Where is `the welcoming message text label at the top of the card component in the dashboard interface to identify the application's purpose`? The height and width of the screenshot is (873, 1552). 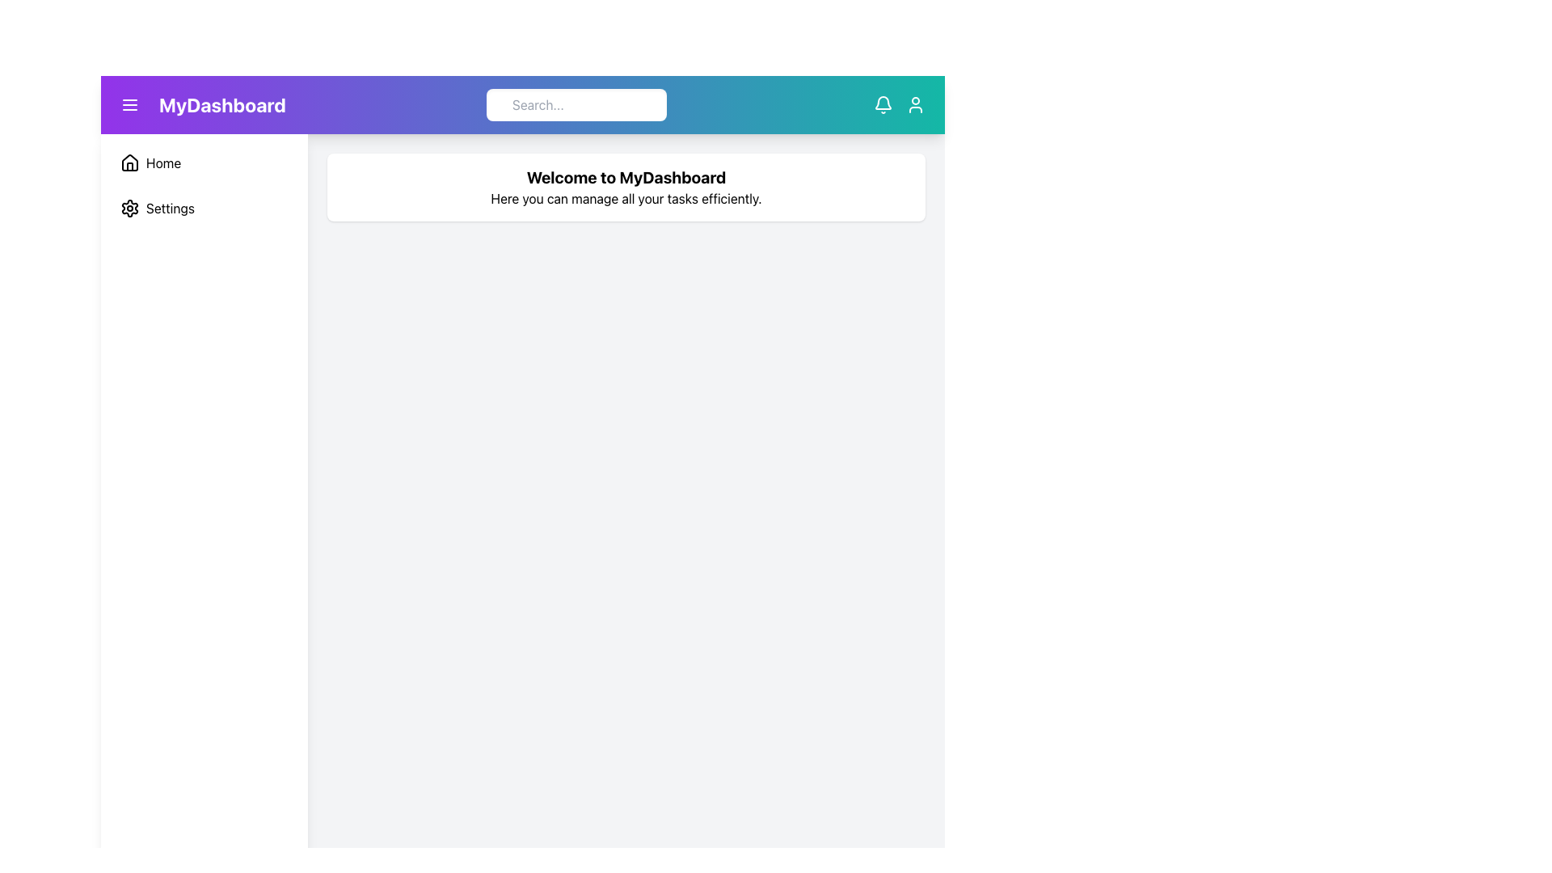 the welcoming message text label at the top of the card component in the dashboard interface to identify the application's purpose is located at coordinates (625, 177).